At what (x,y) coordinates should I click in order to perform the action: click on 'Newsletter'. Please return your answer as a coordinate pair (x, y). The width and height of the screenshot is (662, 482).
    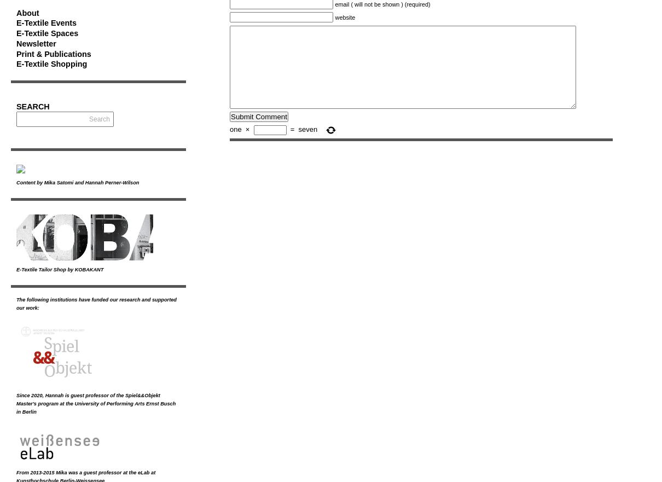
    Looking at the image, I should click on (35, 43).